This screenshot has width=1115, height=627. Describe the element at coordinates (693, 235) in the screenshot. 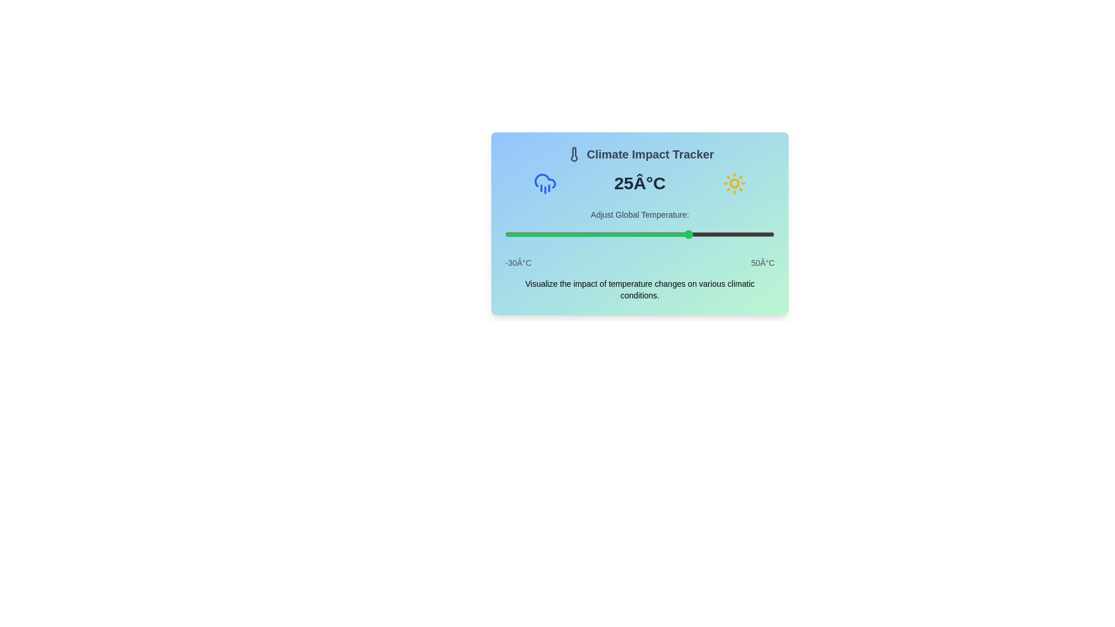

I see `the temperature slider to set the temperature to 26°C` at that location.